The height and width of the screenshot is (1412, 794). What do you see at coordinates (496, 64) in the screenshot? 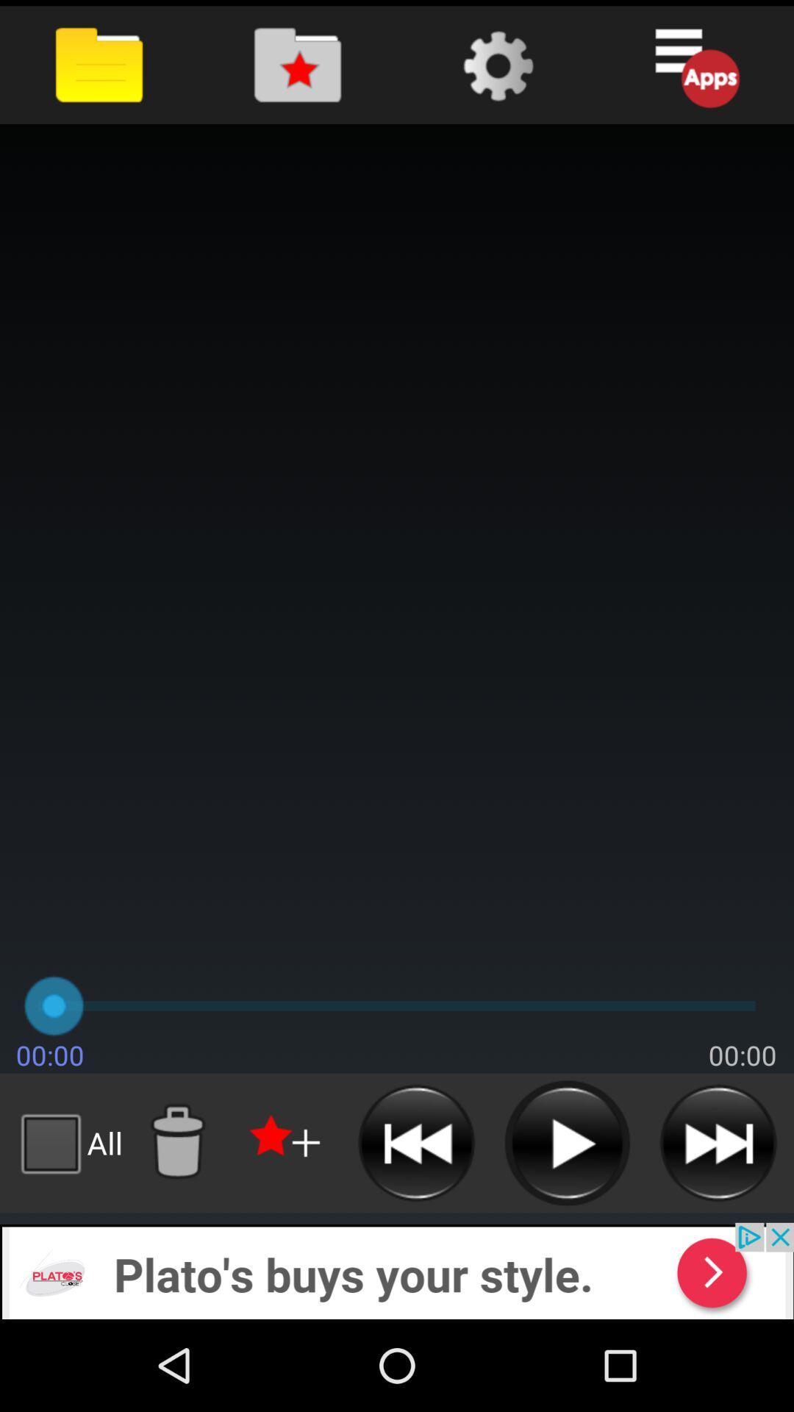
I see `settings` at bounding box center [496, 64].